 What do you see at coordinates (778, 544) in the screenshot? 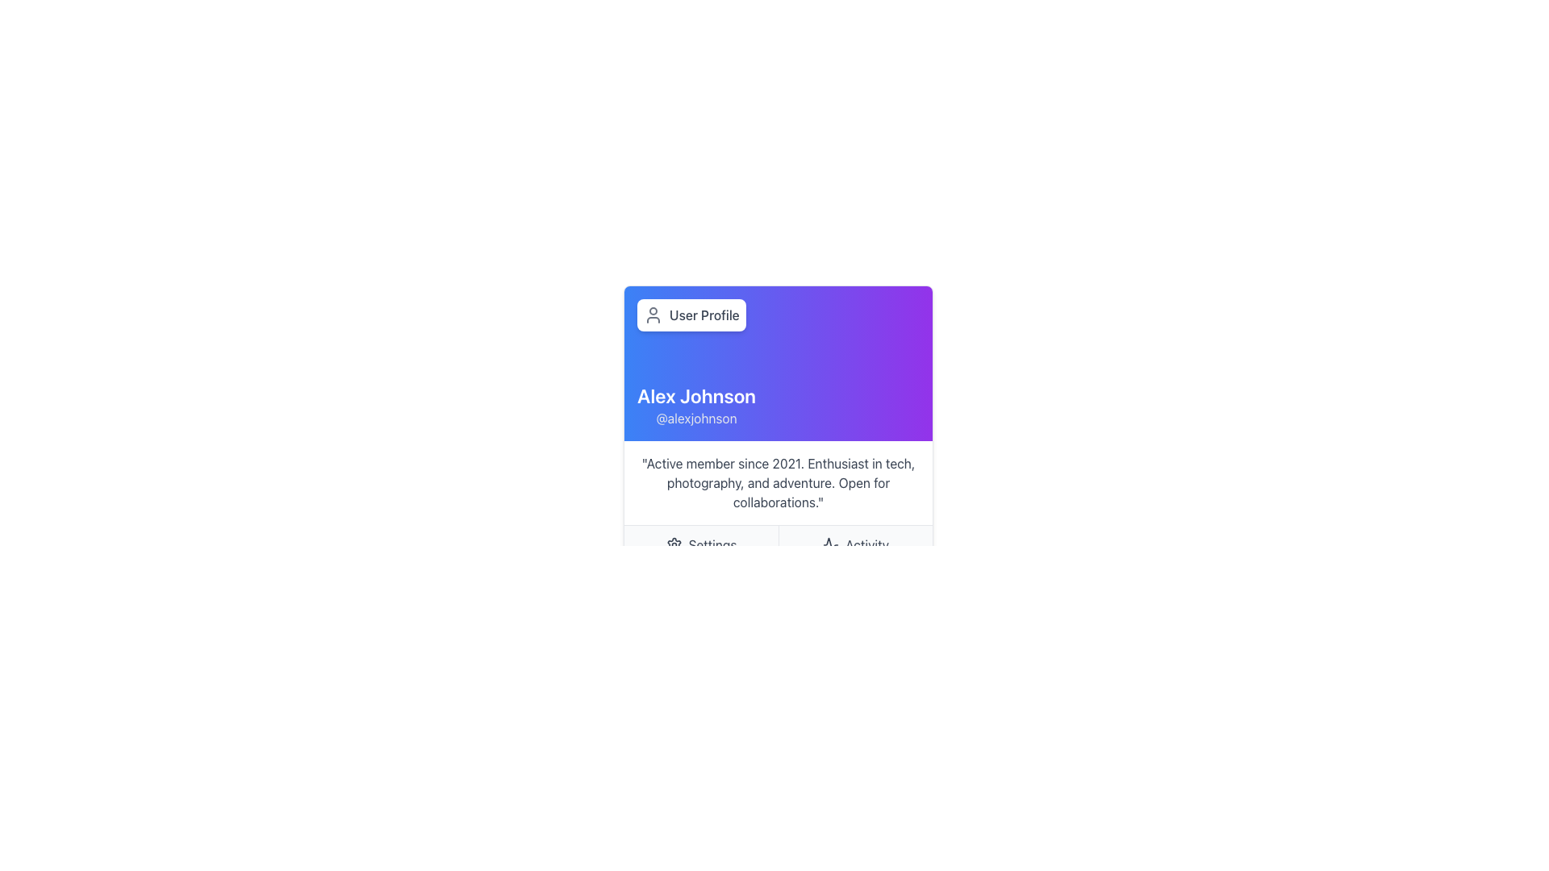
I see `the Divider element located at the bottom of the user profile card, which separates the 'About' section from the 'Settings/Activity' area` at bounding box center [778, 544].